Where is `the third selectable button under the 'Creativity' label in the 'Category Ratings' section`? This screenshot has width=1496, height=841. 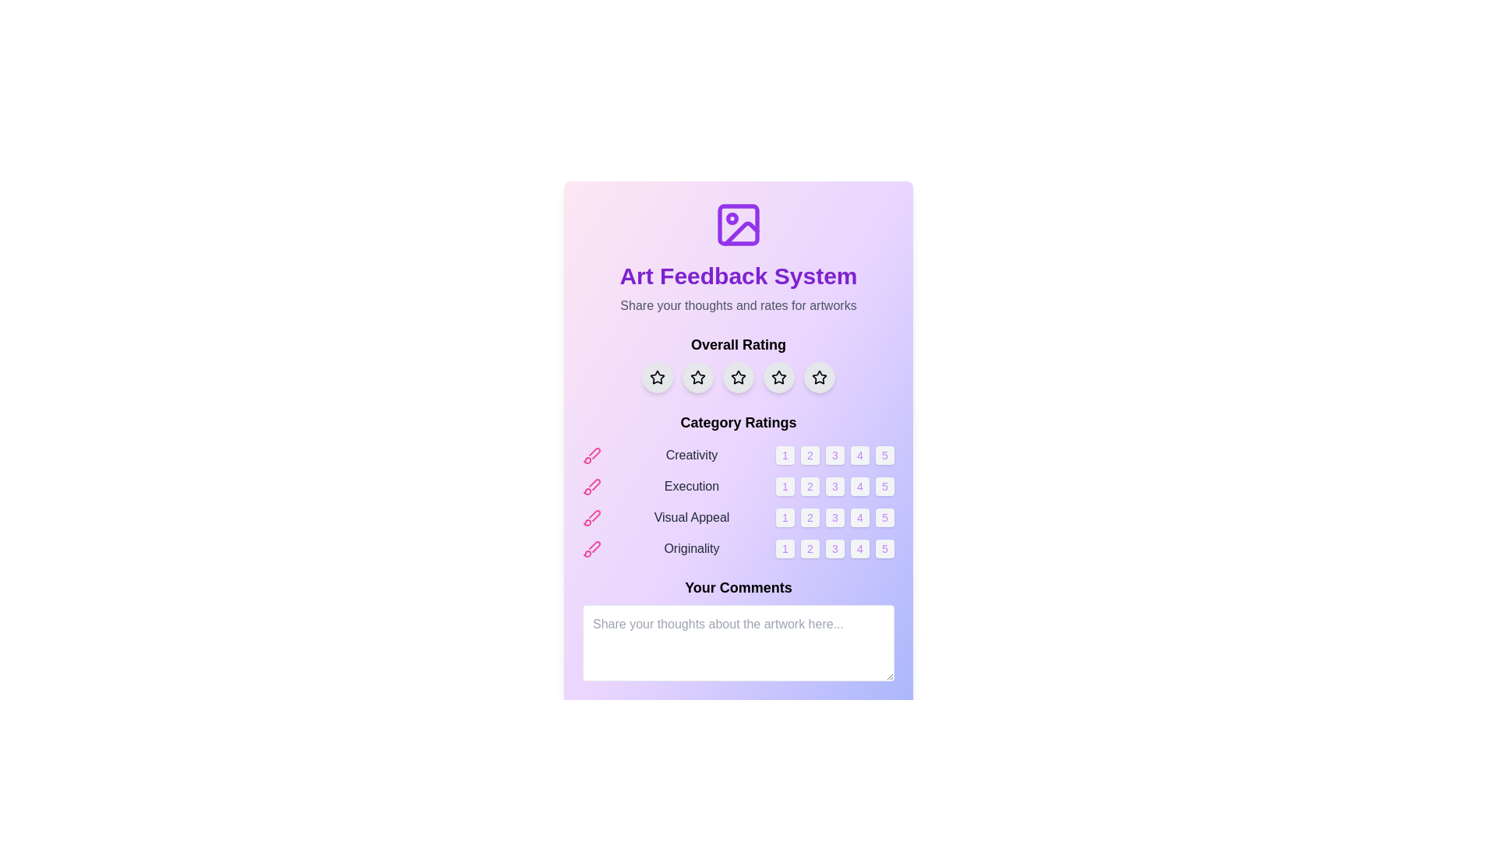
the third selectable button under the 'Creativity' label in the 'Category Ratings' section is located at coordinates (834, 456).